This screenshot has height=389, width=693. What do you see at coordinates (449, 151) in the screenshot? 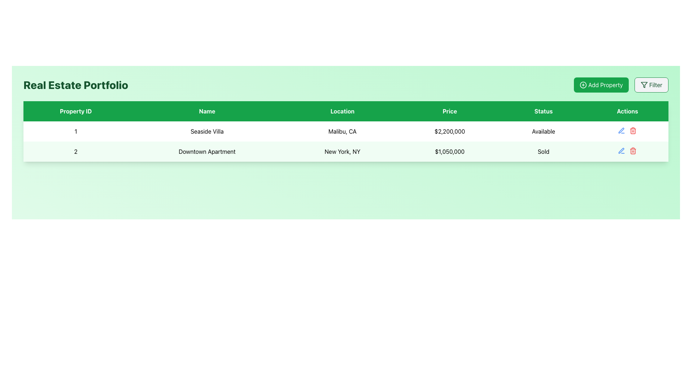
I see `price value displayed in the table cell under the 'Price' column for the 'Downtown Apartment' property, located in the fourth column of the second row` at bounding box center [449, 151].